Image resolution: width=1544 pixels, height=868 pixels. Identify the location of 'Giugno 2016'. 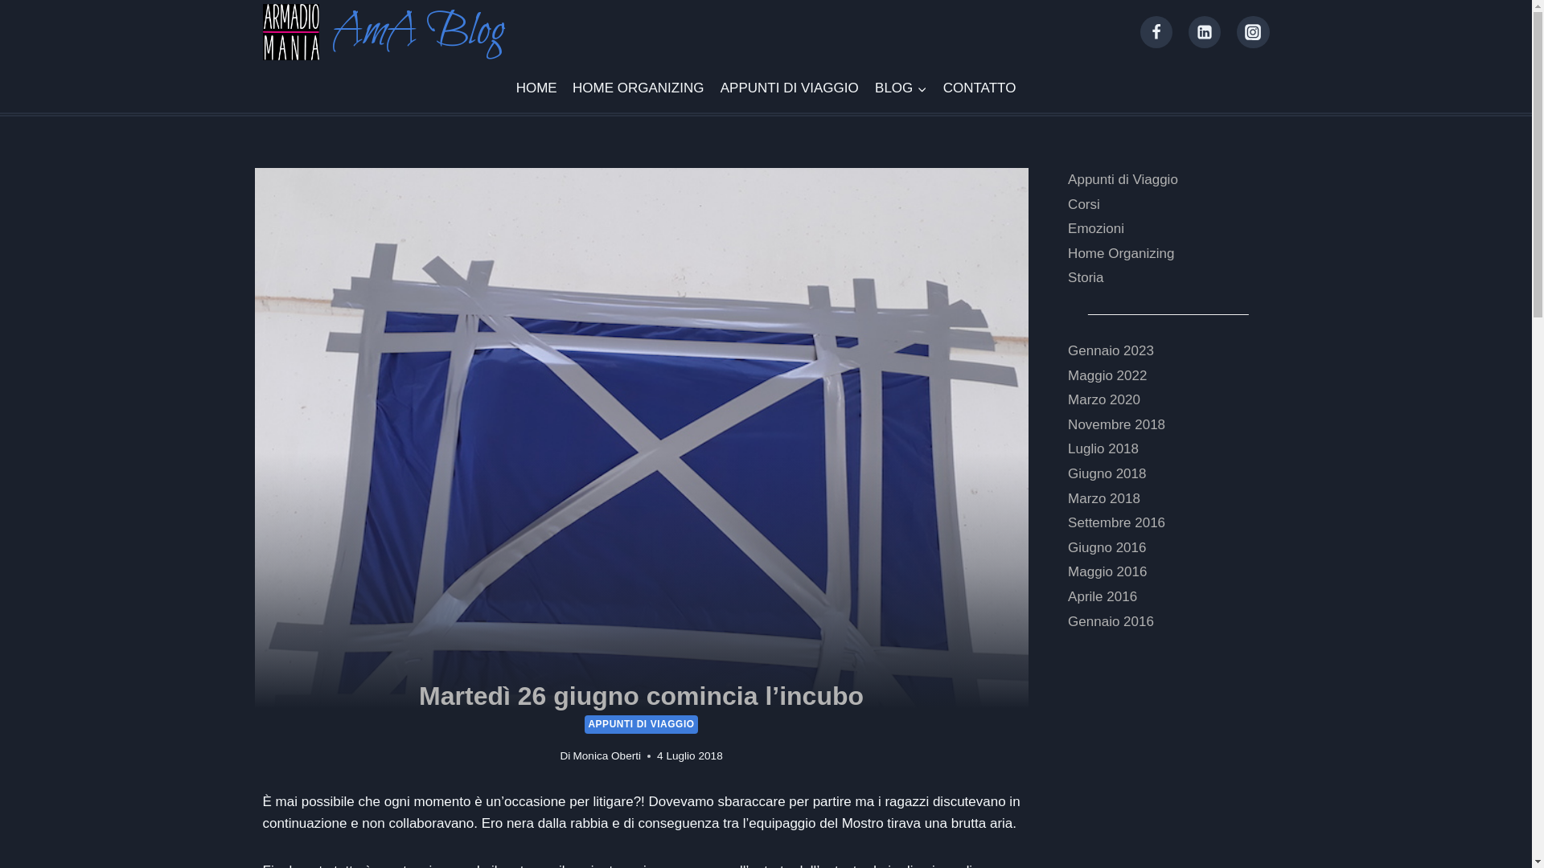
(1106, 547).